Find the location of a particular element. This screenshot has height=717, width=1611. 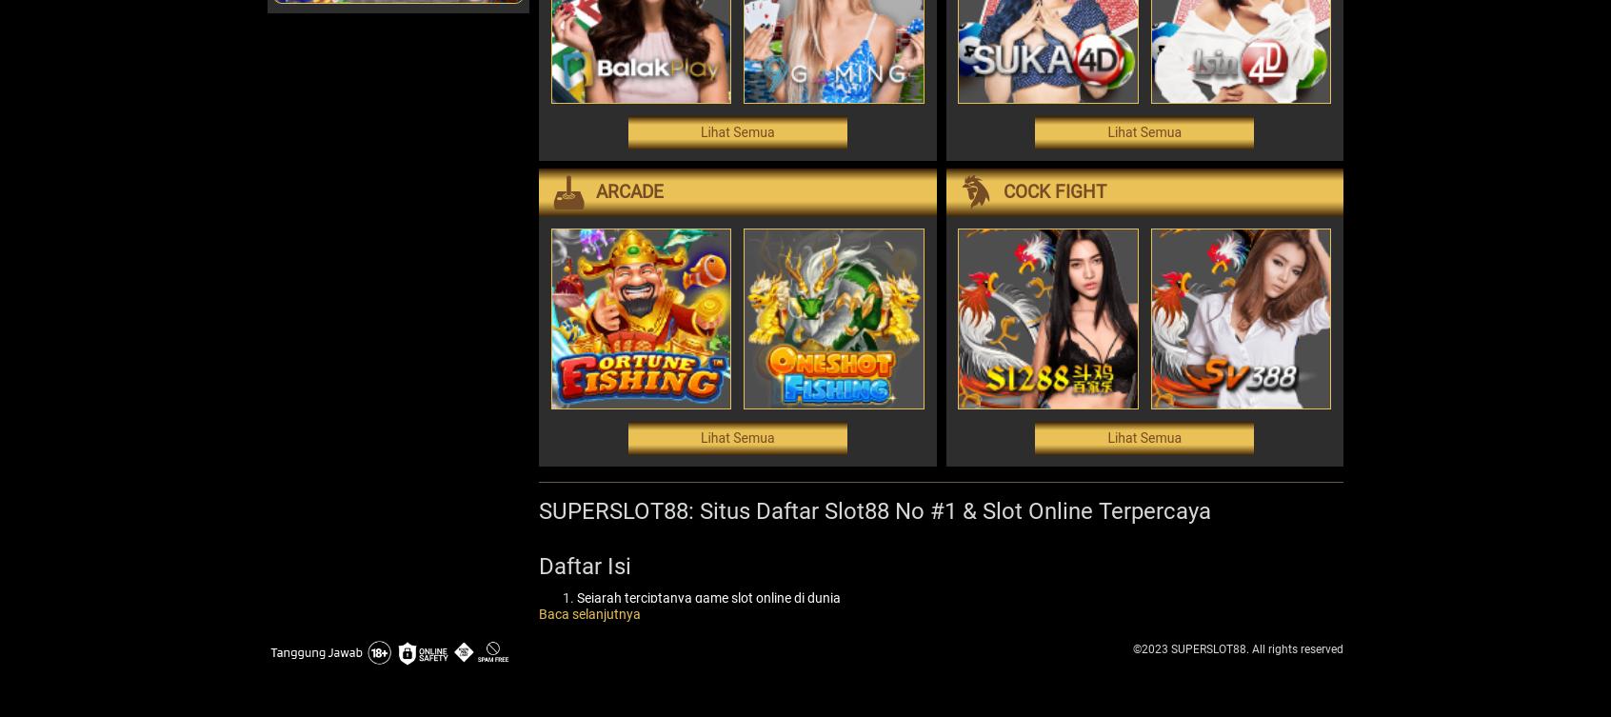

'Sejarah Terciptanya Game Slot Online di Dunia' is located at coordinates (707, 598).